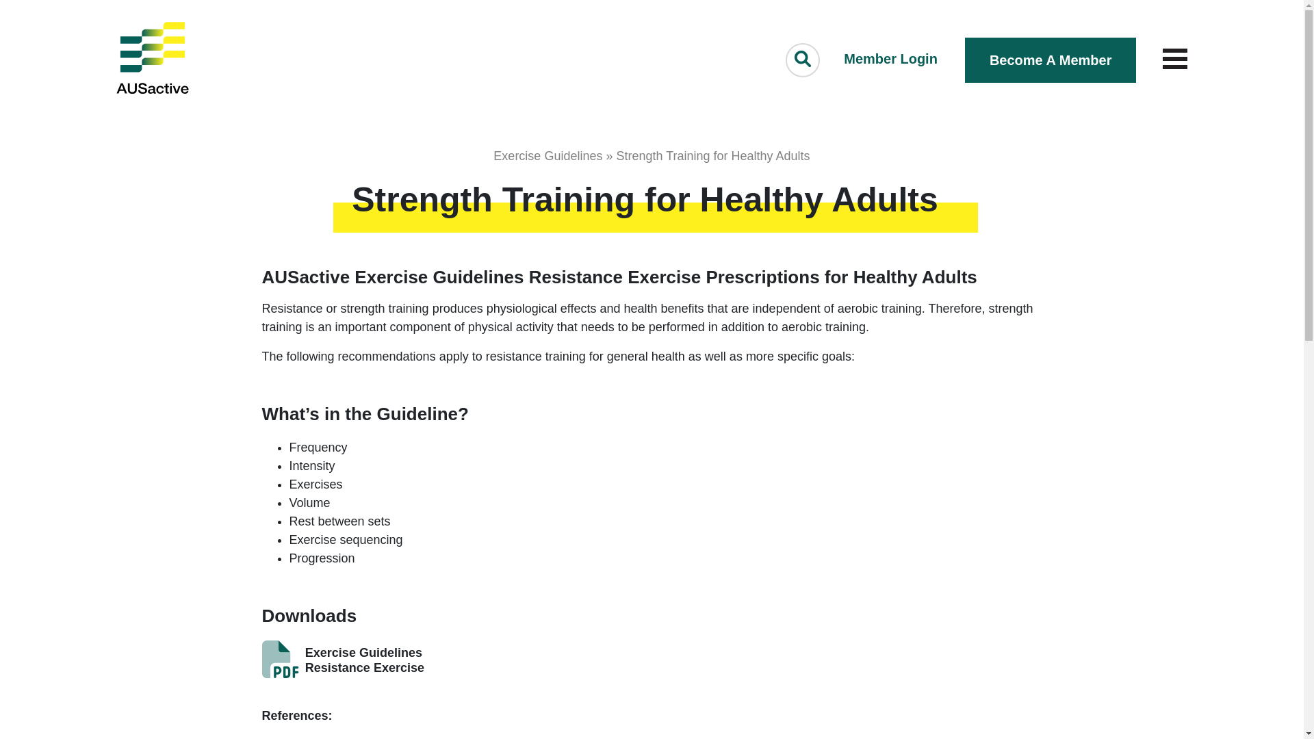 Image resolution: width=1314 pixels, height=739 pixels. What do you see at coordinates (547, 155) in the screenshot?
I see `'Exercise Guidelines'` at bounding box center [547, 155].